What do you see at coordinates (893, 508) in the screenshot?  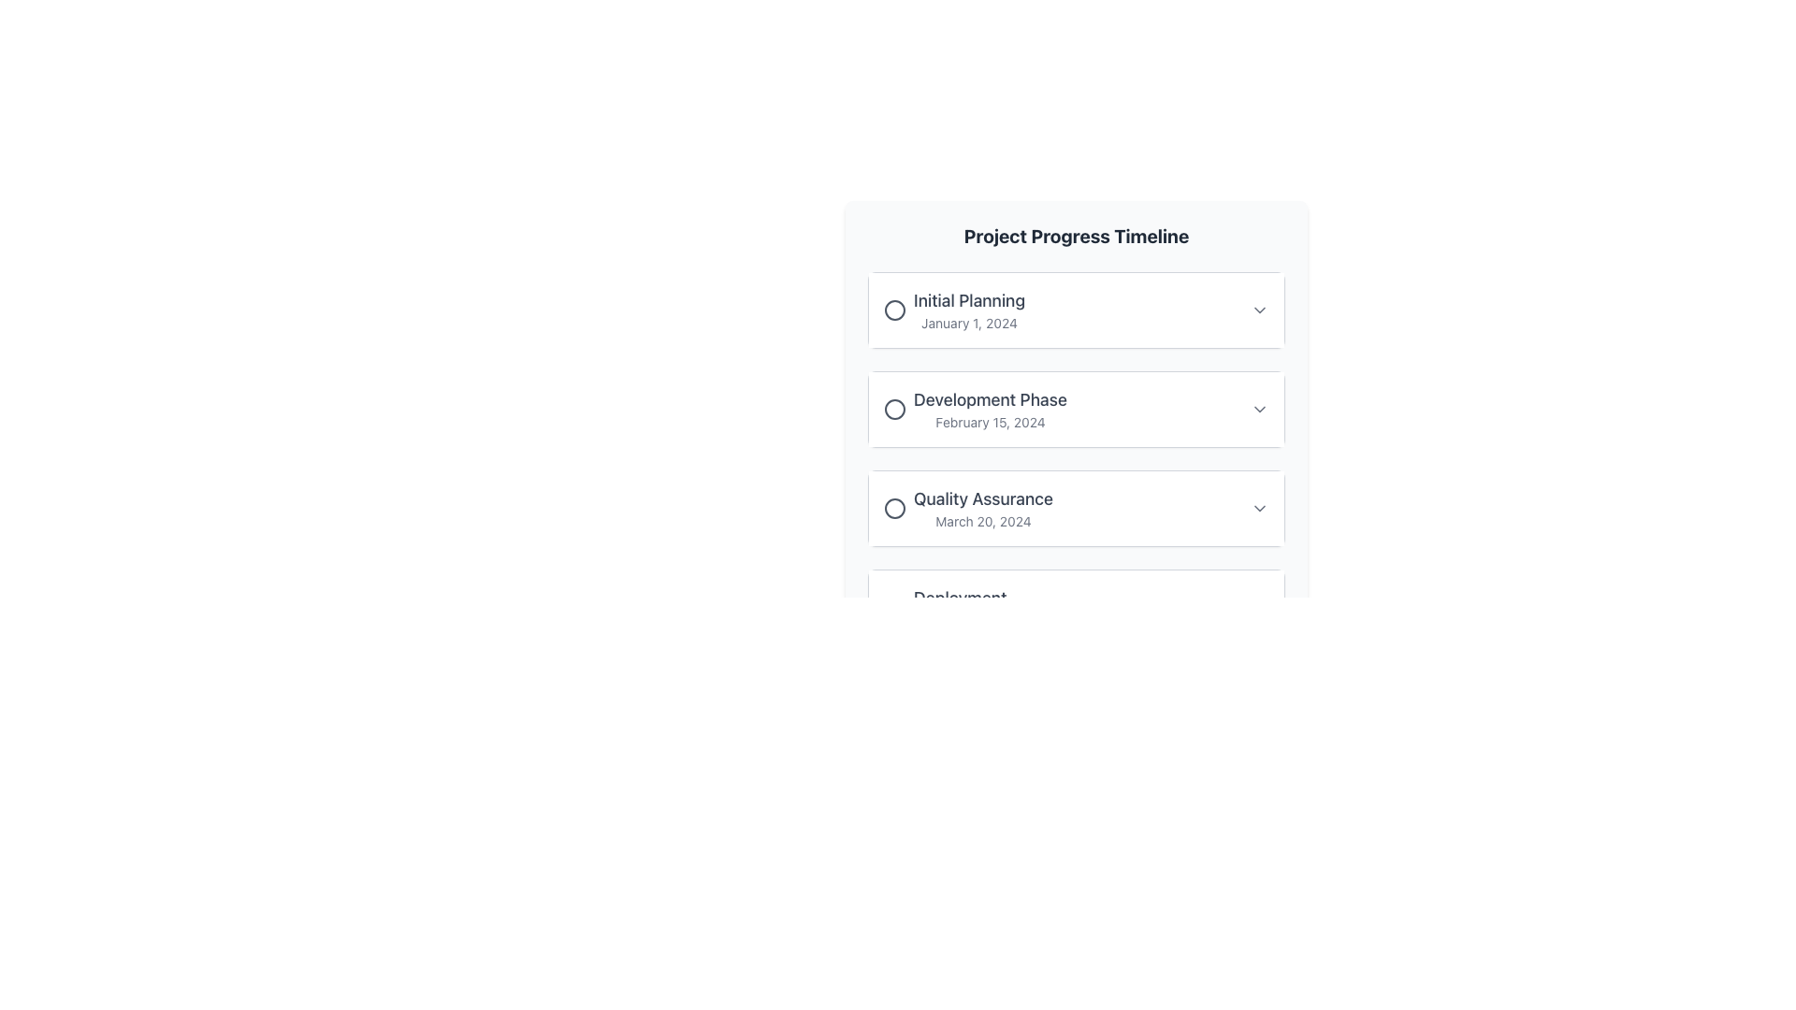 I see `the decorative circular icon with a thick border located next to 'Quality Assurance, March 20, 2024', which is the third in a vertical sequence within a timeline section` at bounding box center [893, 508].